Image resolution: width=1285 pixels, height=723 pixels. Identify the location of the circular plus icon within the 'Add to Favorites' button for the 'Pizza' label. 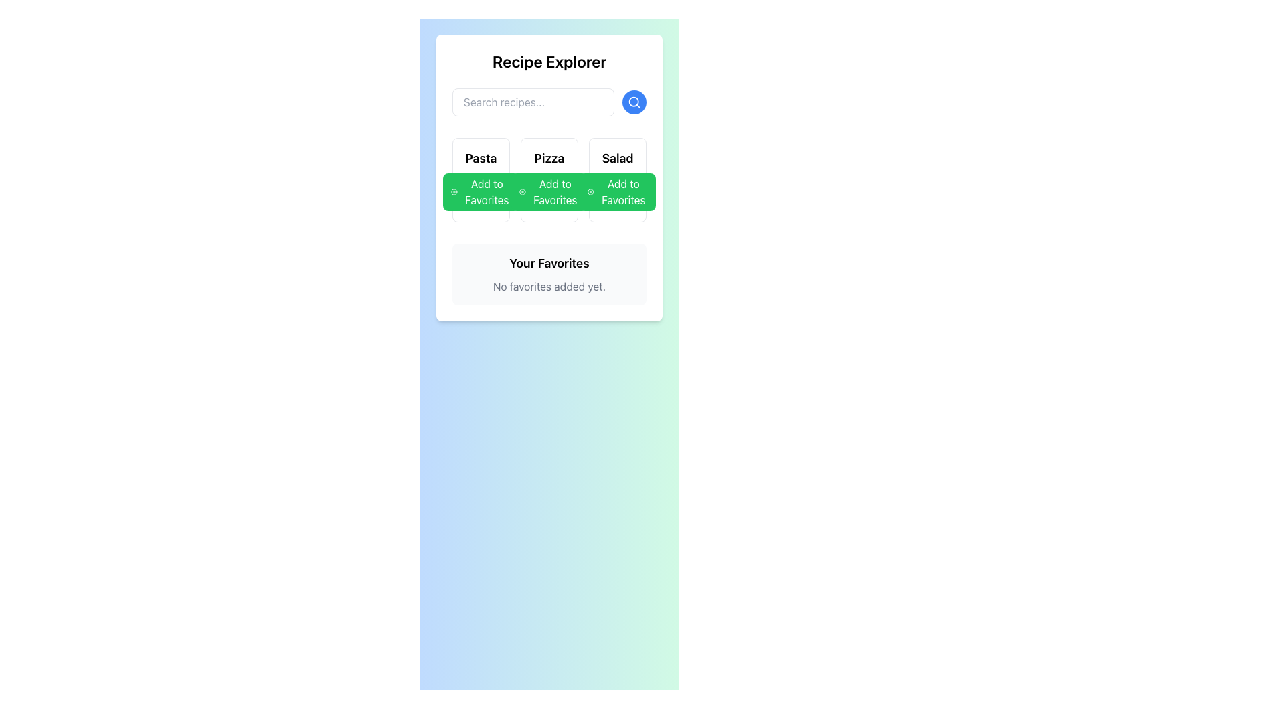
(522, 191).